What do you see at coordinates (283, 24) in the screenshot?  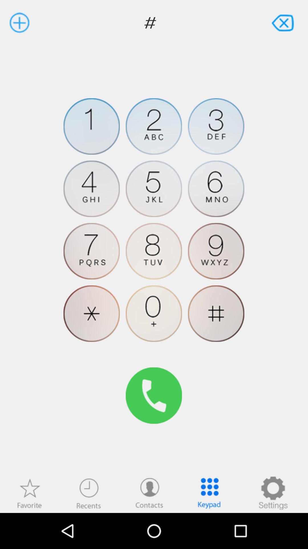 I see `the close icon` at bounding box center [283, 24].